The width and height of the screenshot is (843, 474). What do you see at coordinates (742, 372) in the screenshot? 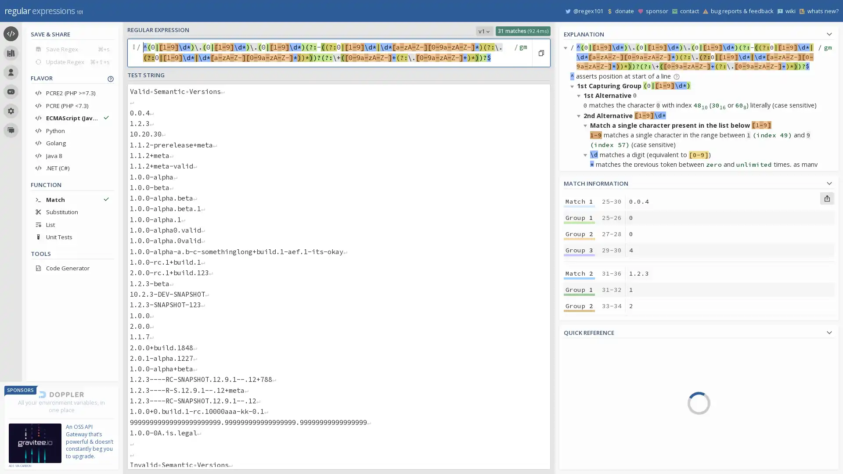
I see `A character in the range: a-z [a-z]` at bounding box center [742, 372].